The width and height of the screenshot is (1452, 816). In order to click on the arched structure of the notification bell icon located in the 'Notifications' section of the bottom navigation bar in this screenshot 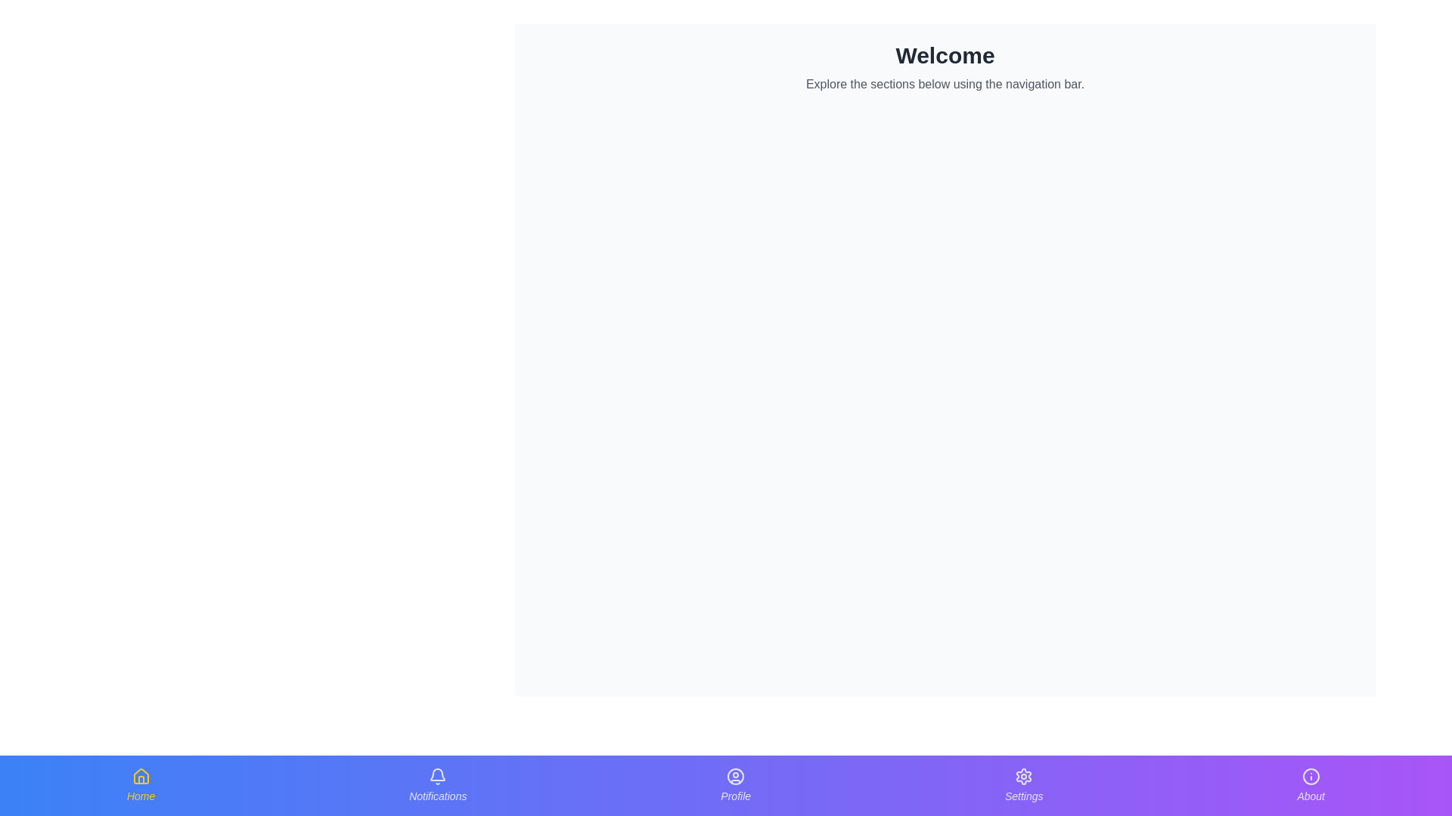, I will do `click(437, 774)`.